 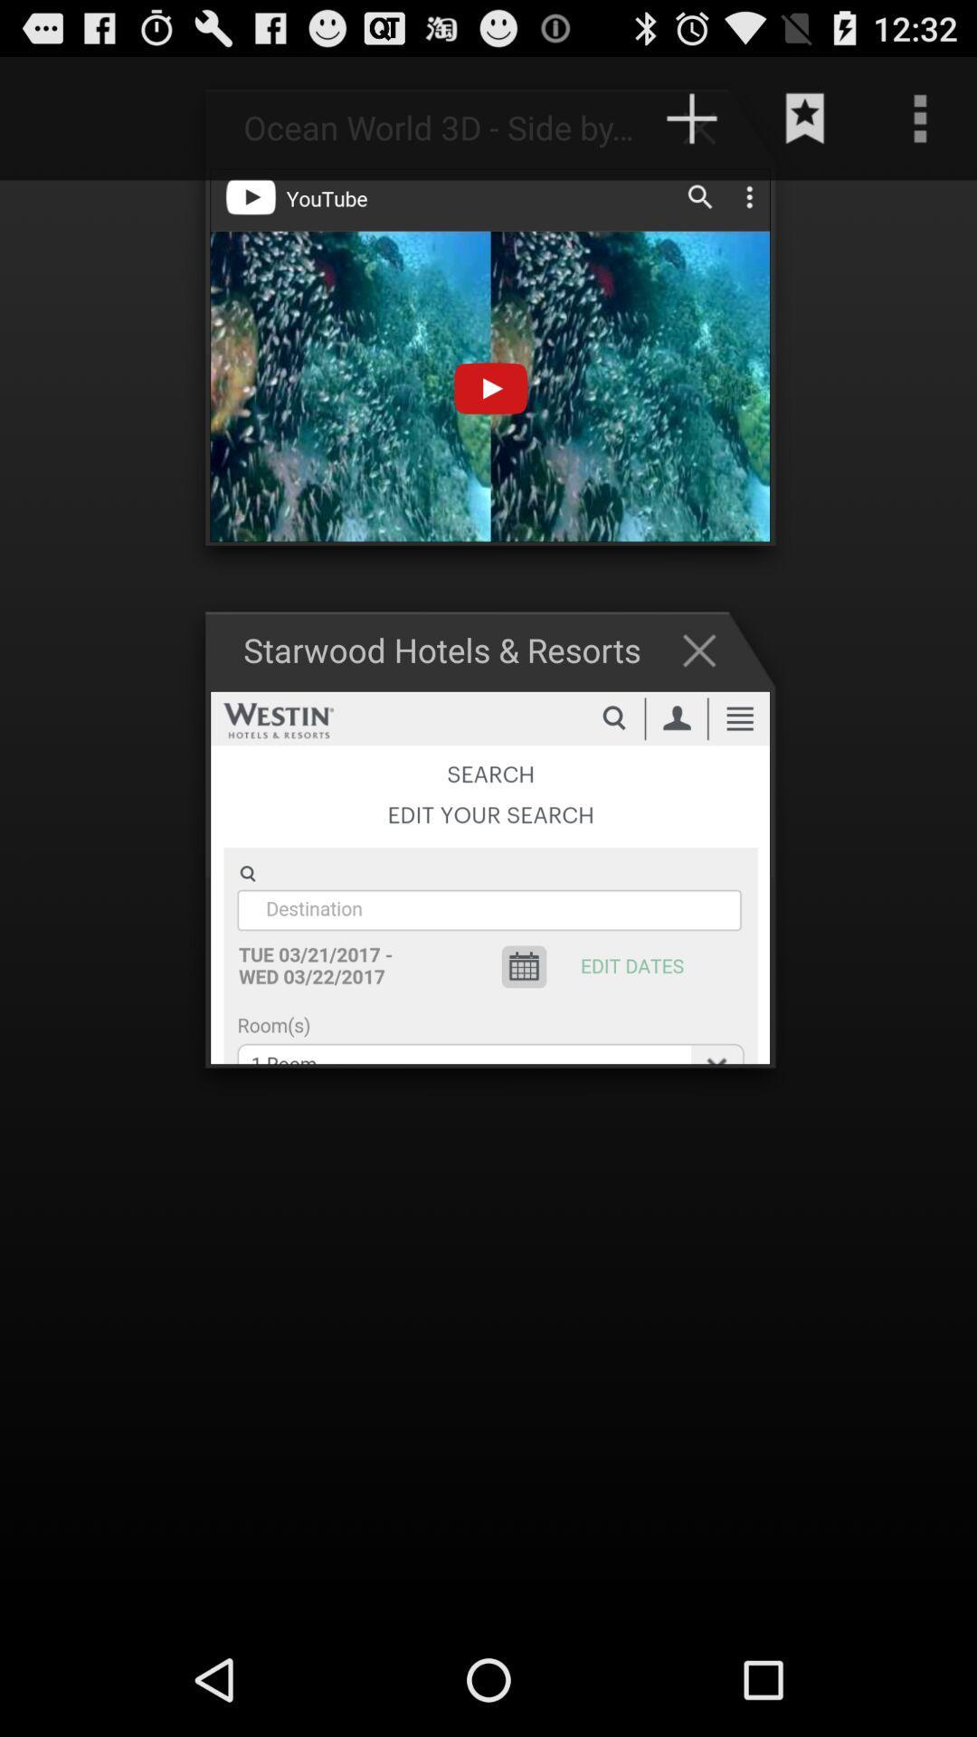 What do you see at coordinates (805, 126) in the screenshot?
I see `the bookmark icon` at bounding box center [805, 126].